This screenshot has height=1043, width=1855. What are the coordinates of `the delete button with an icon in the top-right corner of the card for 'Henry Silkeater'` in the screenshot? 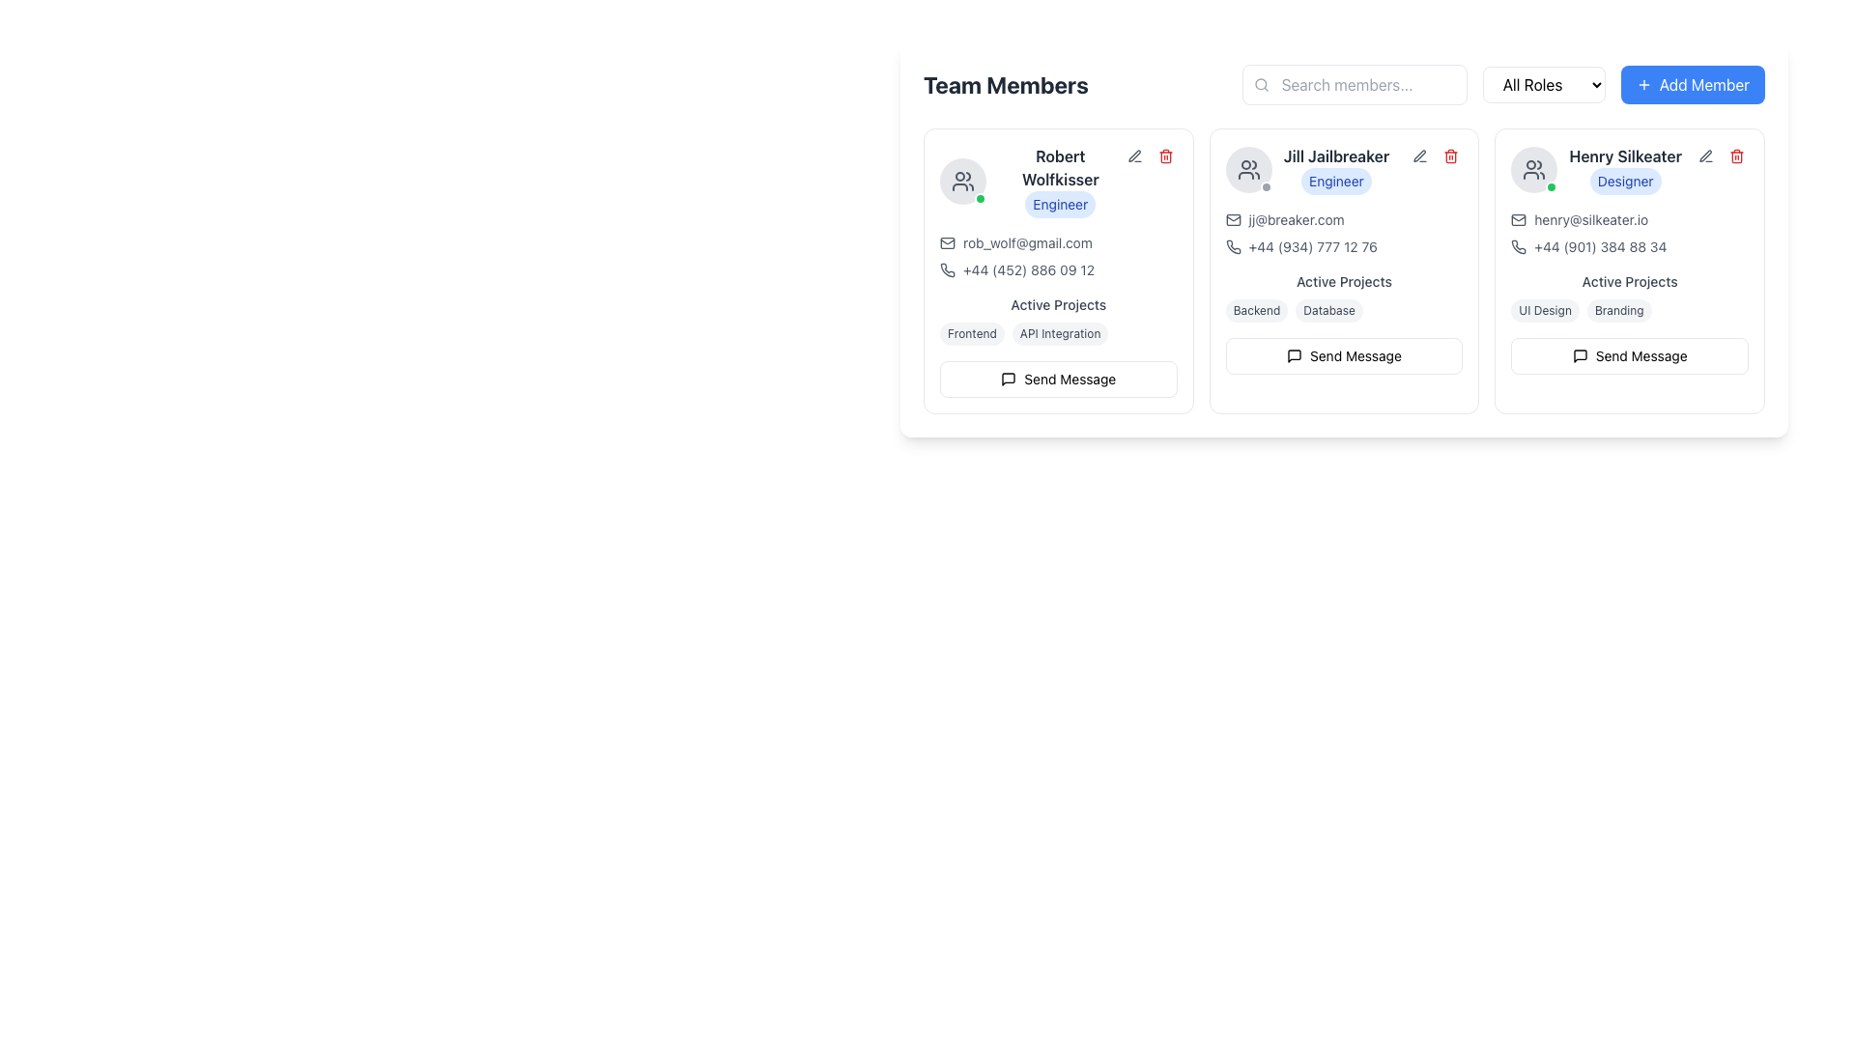 It's located at (1736, 155).